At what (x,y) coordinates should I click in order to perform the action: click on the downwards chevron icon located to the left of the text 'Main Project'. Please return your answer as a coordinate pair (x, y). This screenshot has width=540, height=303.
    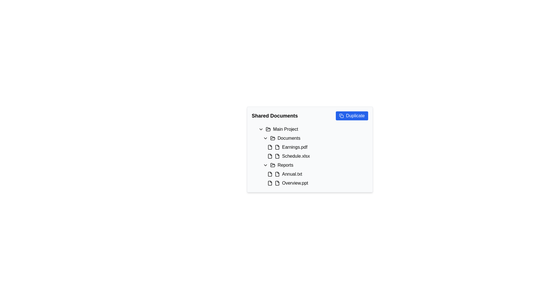
    Looking at the image, I should click on (260, 129).